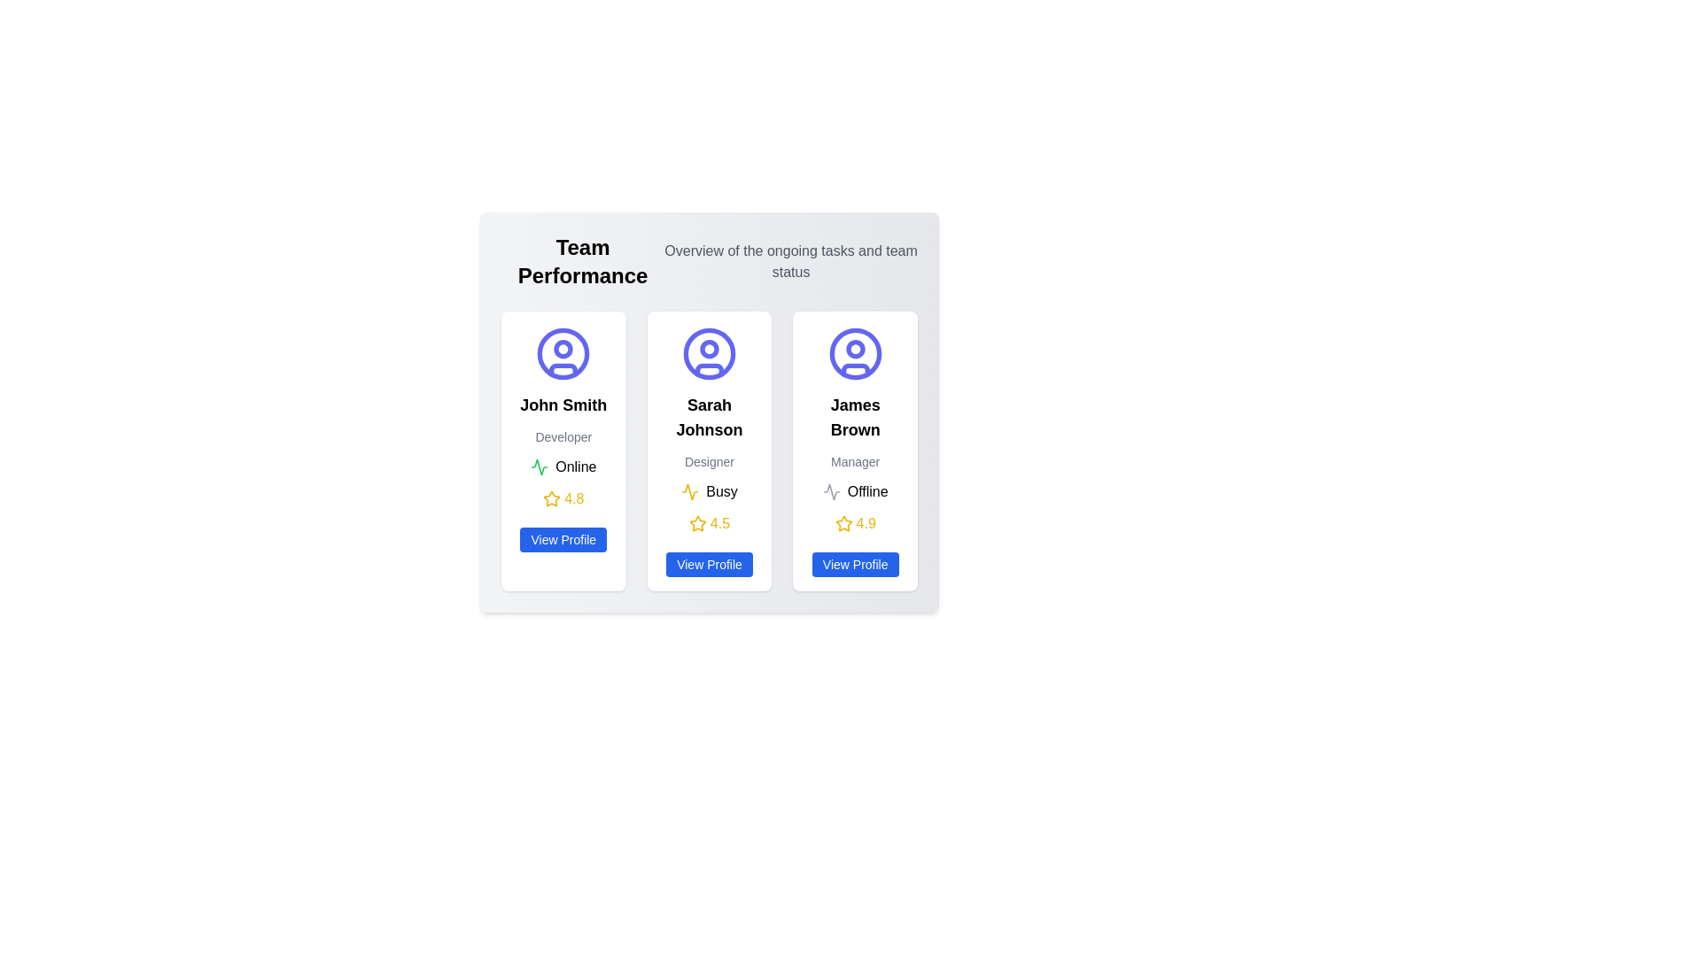 The height and width of the screenshot is (956, 1701). I want to click on the yellow waveform icon that represents the status 'Busy' in the second profile card under 'Sarah Johnson', so click(689, 491).